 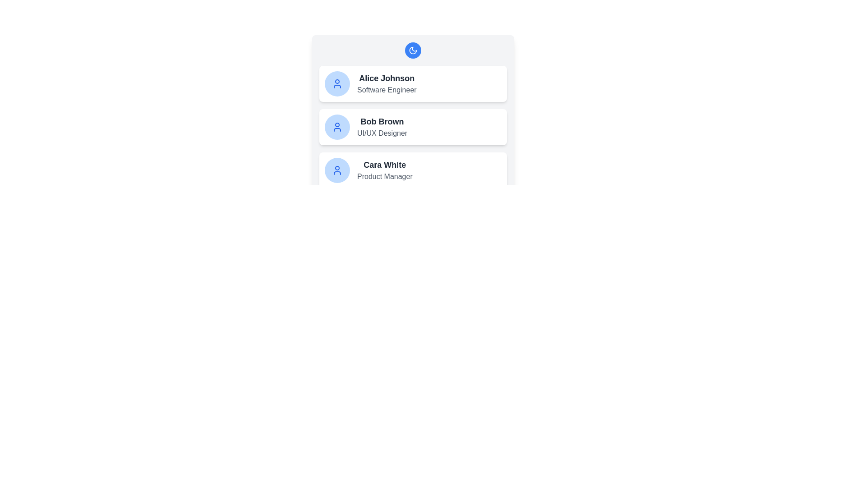 What do you see at coordinates (385, 177) in the screenshot?
I see `the text label indicating the job title of 'Cara White' in the third profile card, which is located below the heading 'Cara White'` at bounding box center [385, 177].